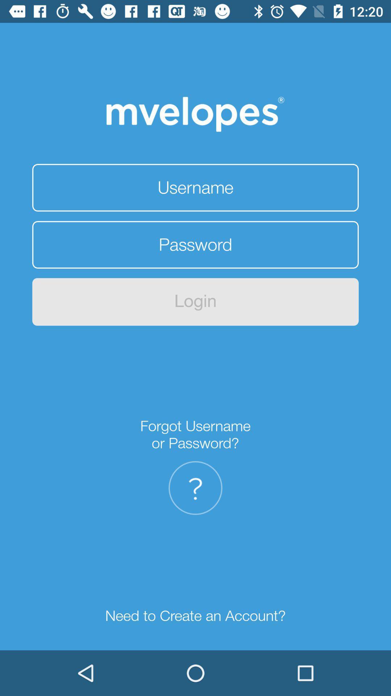 This screenshot has height=696, width=391. Describe the element at coordinates (195, 435) in the screenshot. I see `the icon below login icon` at that location.